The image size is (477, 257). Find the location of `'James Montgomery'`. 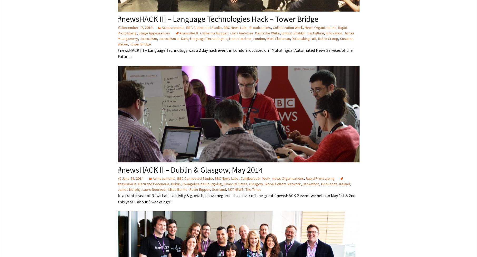

'James Montgomery' is located at coordinates (117, 36).